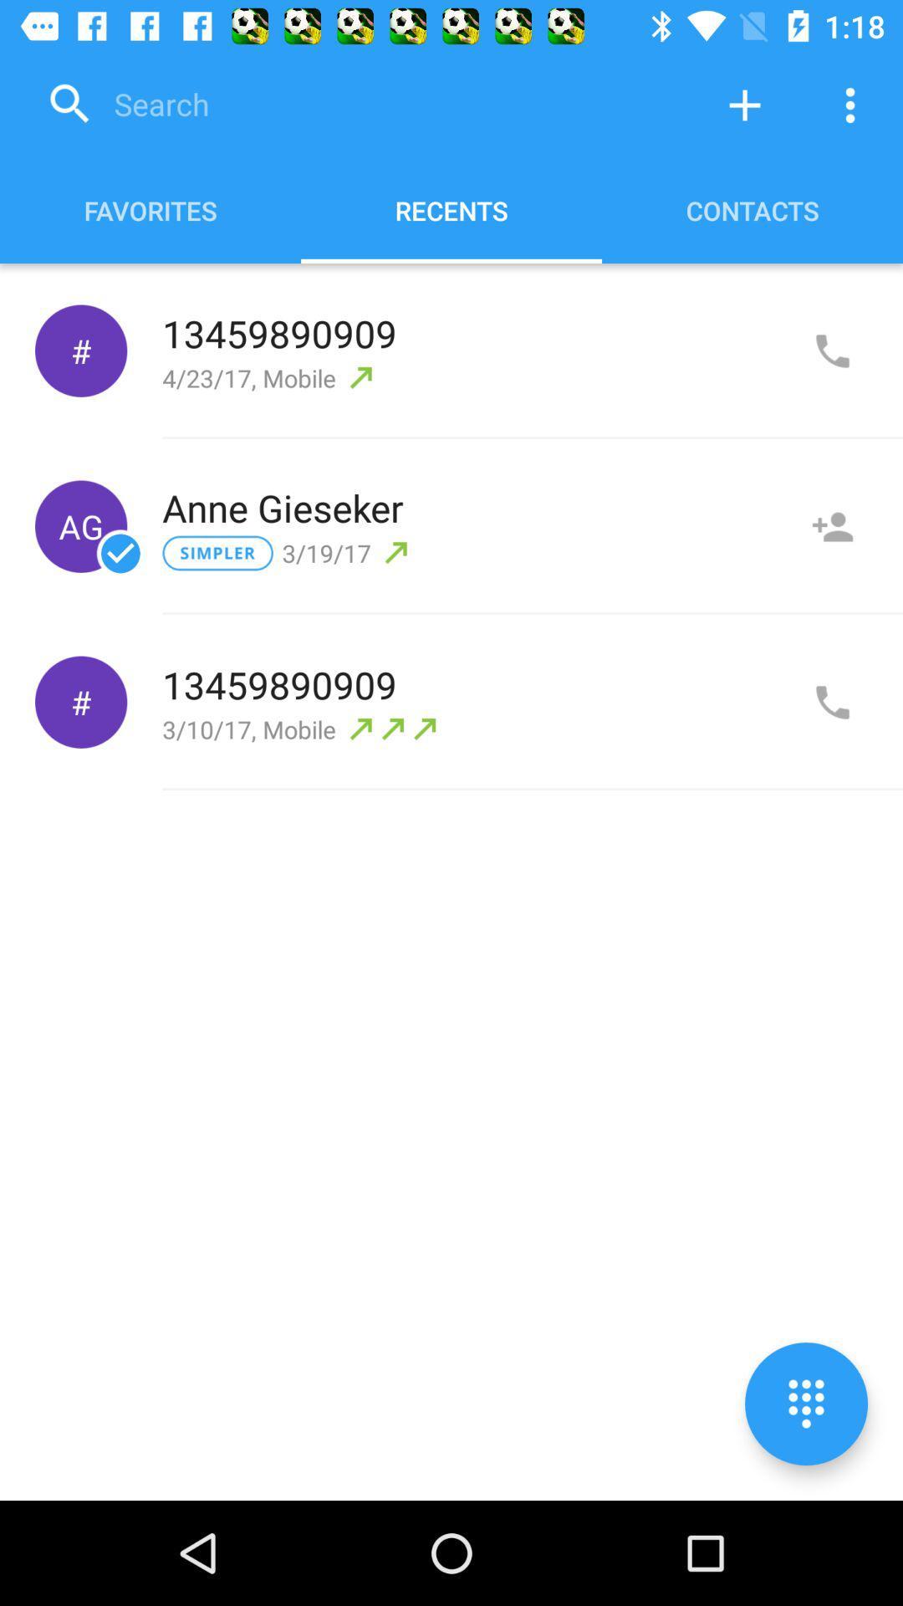 The image size is (903, 1606). Describe the element at coordinates (832, 350) in the screenshot. I see `call number` at that location.